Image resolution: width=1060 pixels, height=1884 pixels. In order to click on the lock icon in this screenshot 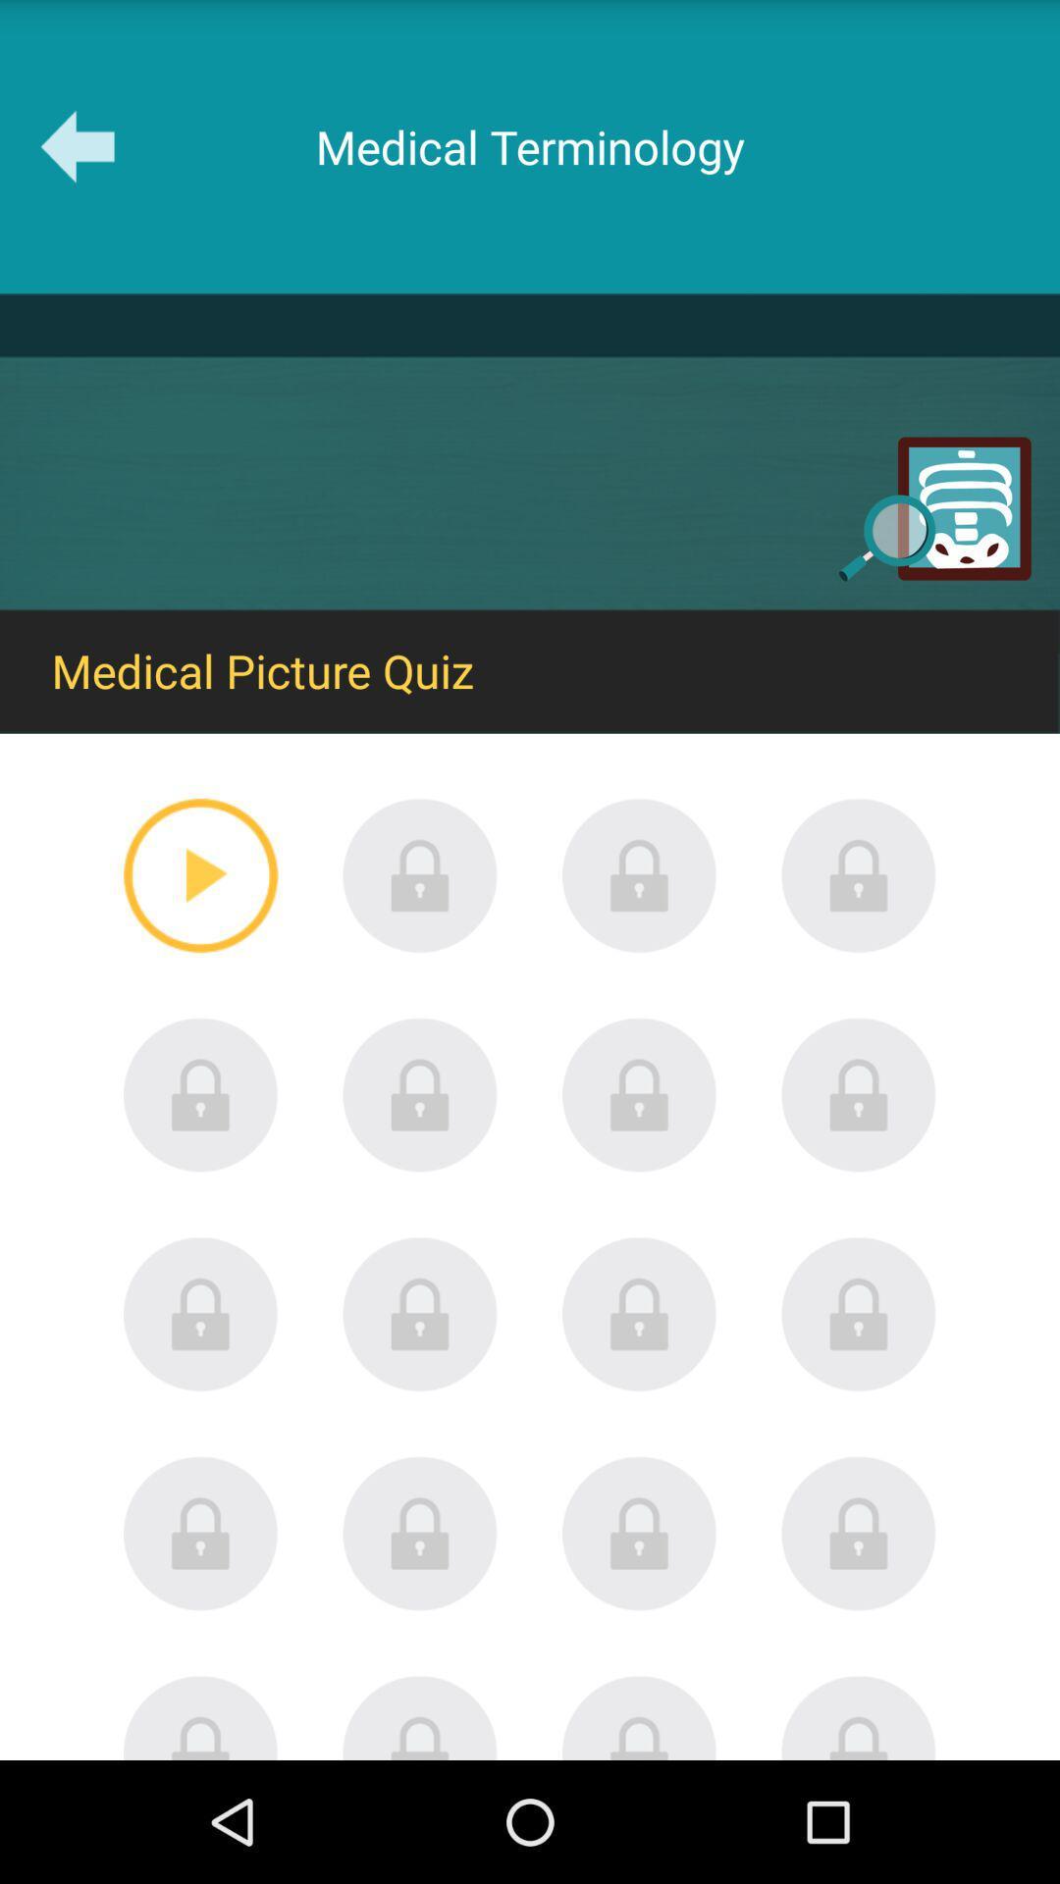, I will do `click(858, 936)`.